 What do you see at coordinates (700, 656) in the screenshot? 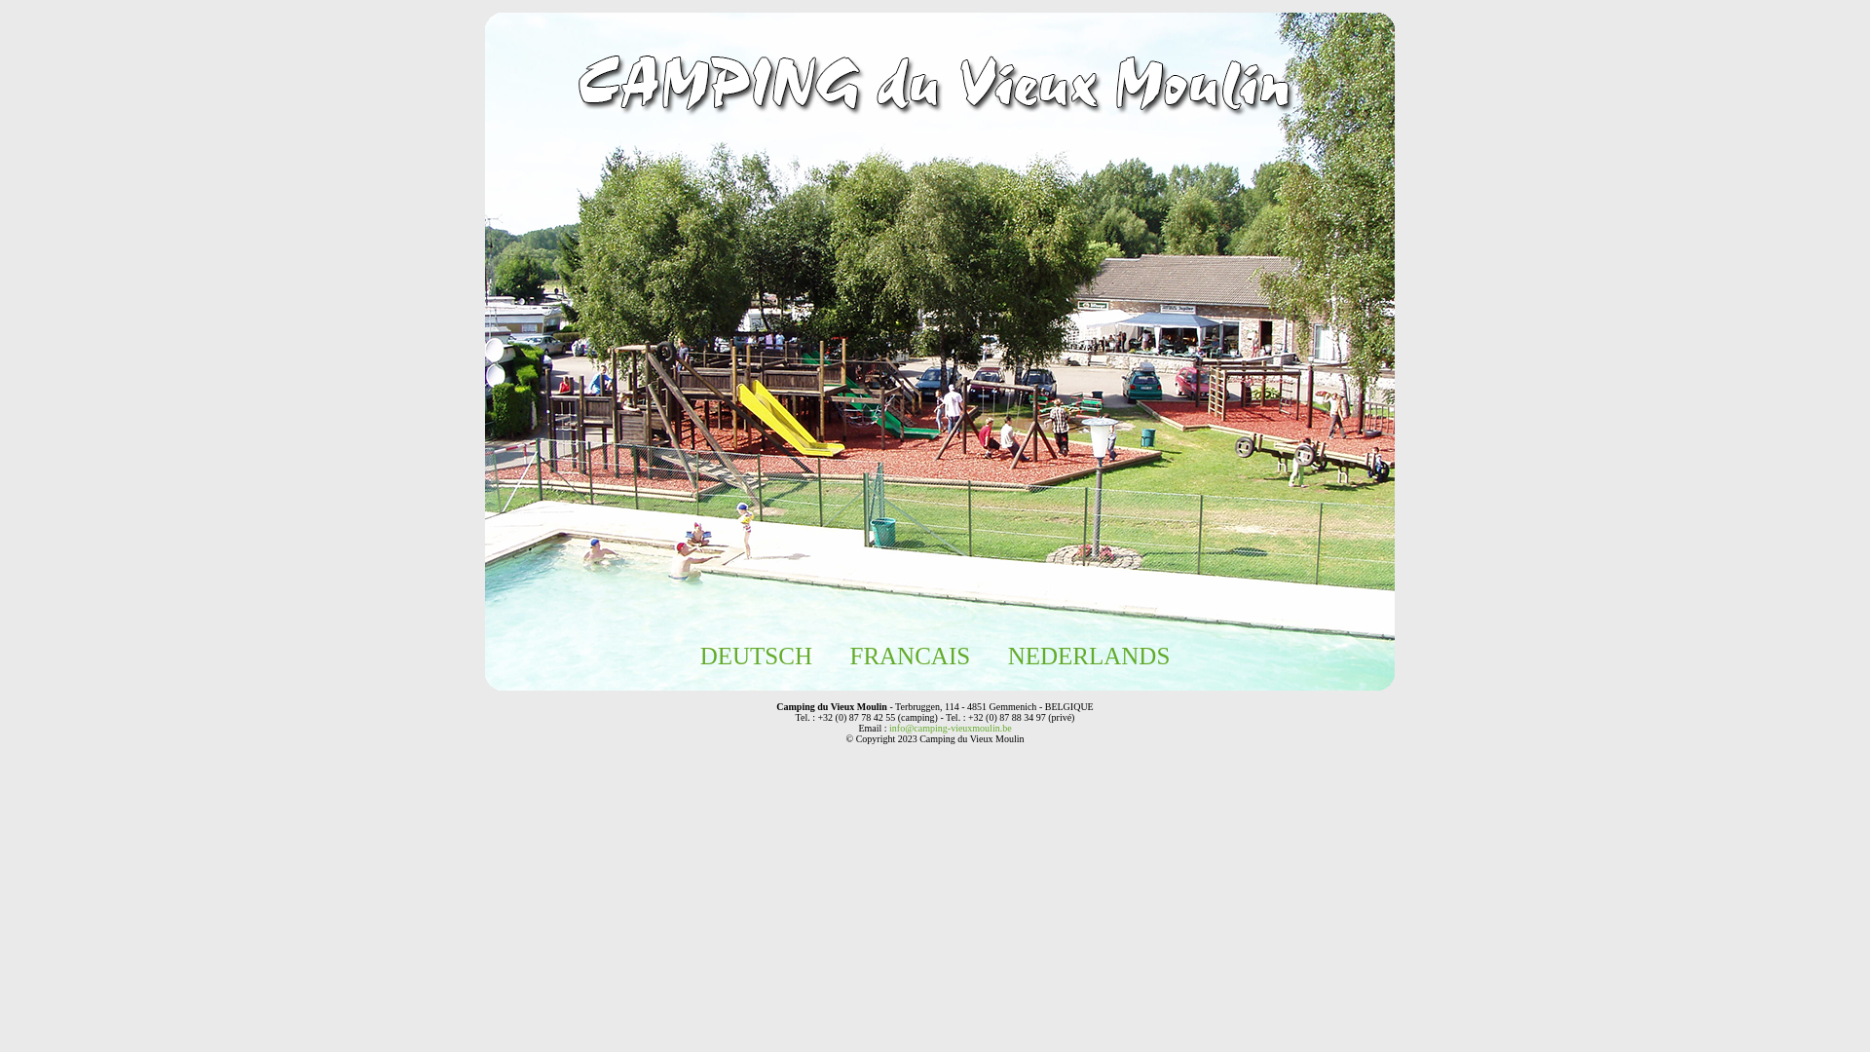
I see `'DEUTSCH'` at bounding box center [700, 656].